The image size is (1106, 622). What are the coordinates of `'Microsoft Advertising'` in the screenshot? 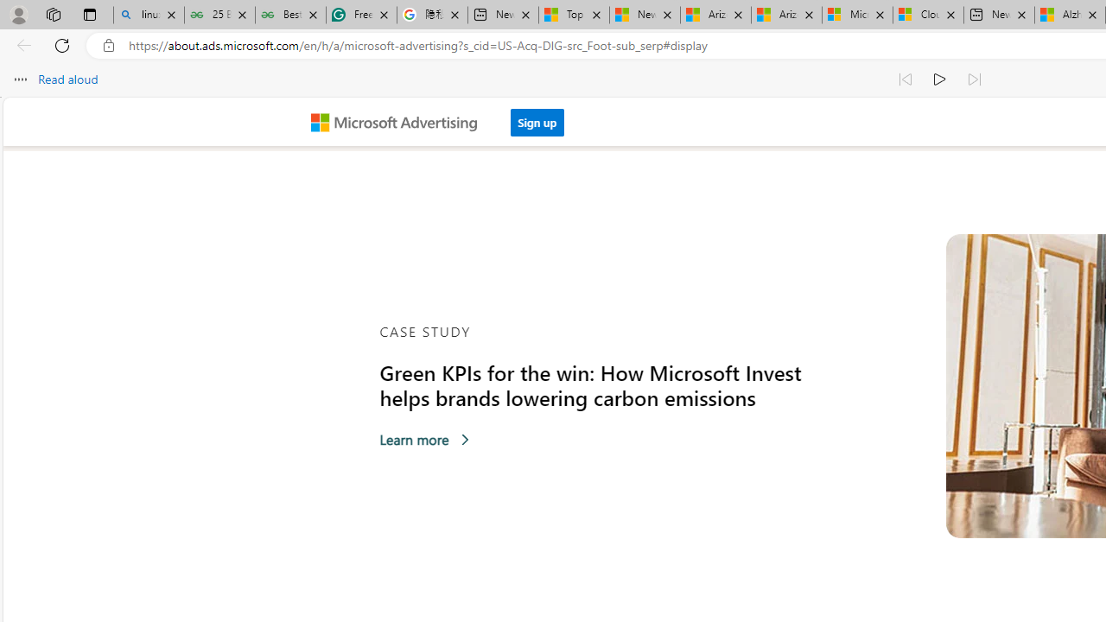 It's located at (400, 120).